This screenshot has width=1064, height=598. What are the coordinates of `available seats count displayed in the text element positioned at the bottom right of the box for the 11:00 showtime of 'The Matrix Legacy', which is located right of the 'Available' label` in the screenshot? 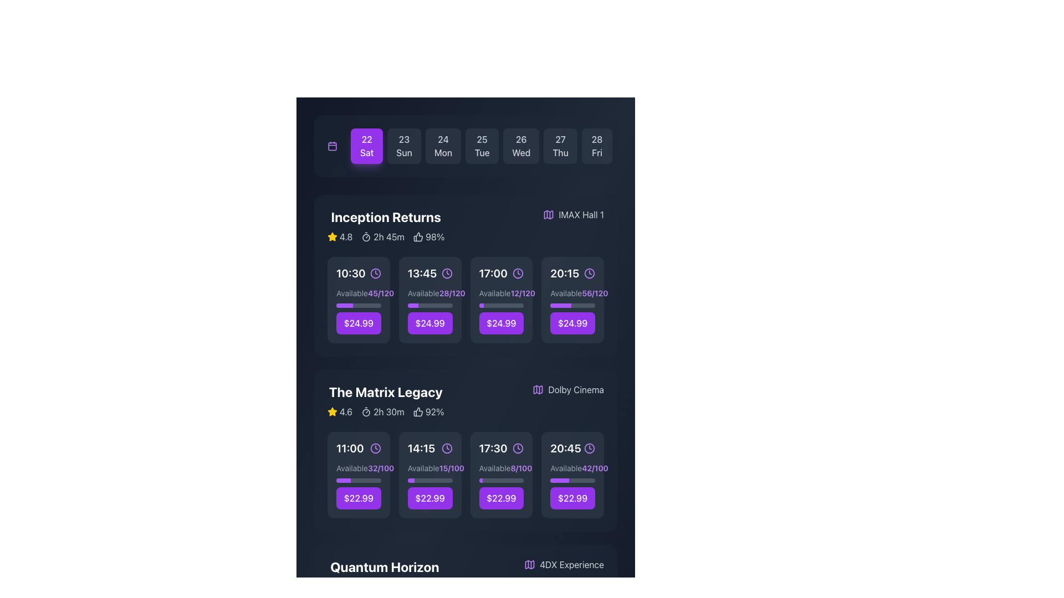 It's located at (381, 468).